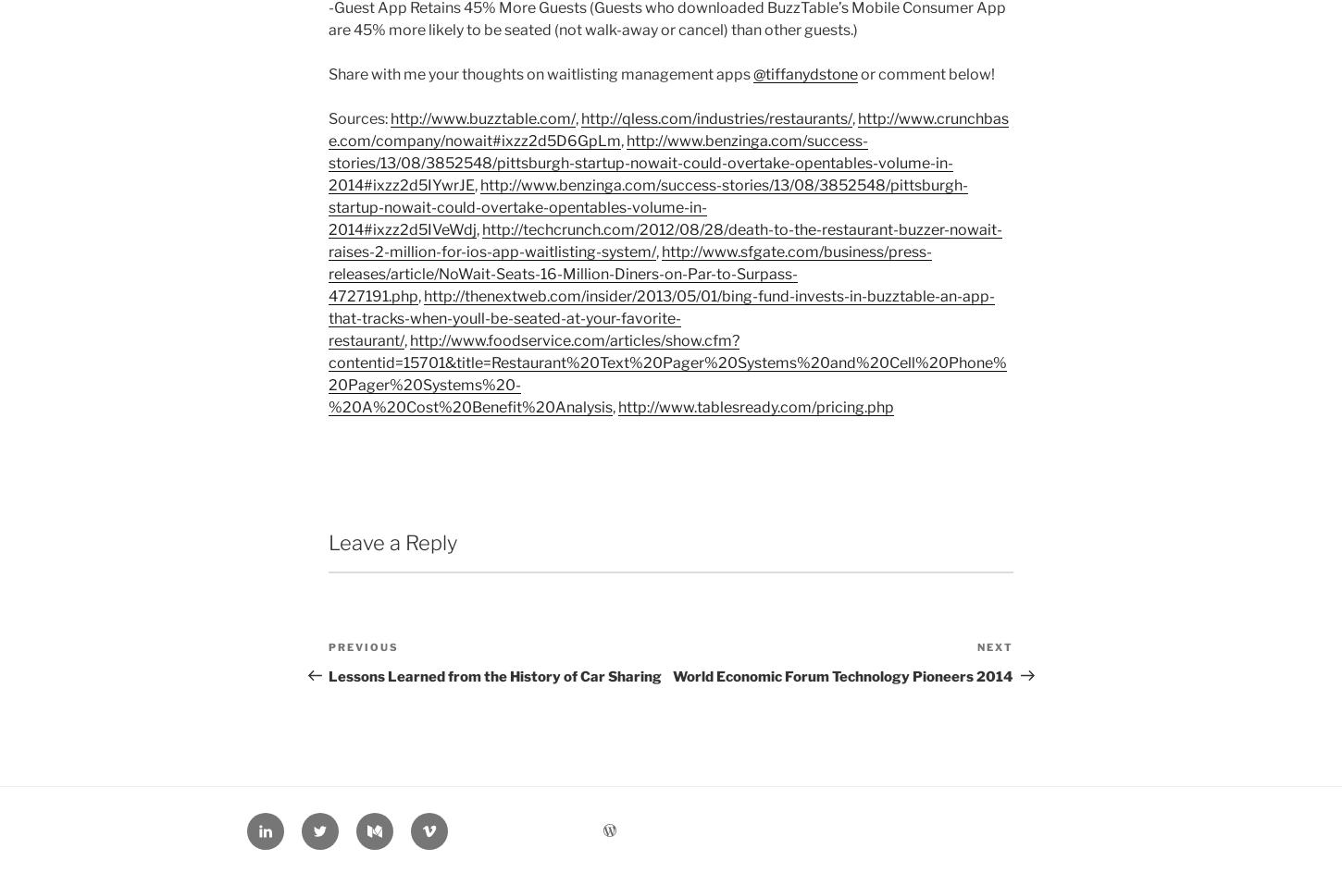 Image resolution: width=1342 pixels, height=873 pixels. What do you see at coordinates (629, 273) in the screenshot?
I see `'http://www.sfgate.com/business/press-releases/article/NoWait-Seats-16-Million-Diners-on-Par-to-Surpass-4727191.php'` at bounding box center [629, 273].